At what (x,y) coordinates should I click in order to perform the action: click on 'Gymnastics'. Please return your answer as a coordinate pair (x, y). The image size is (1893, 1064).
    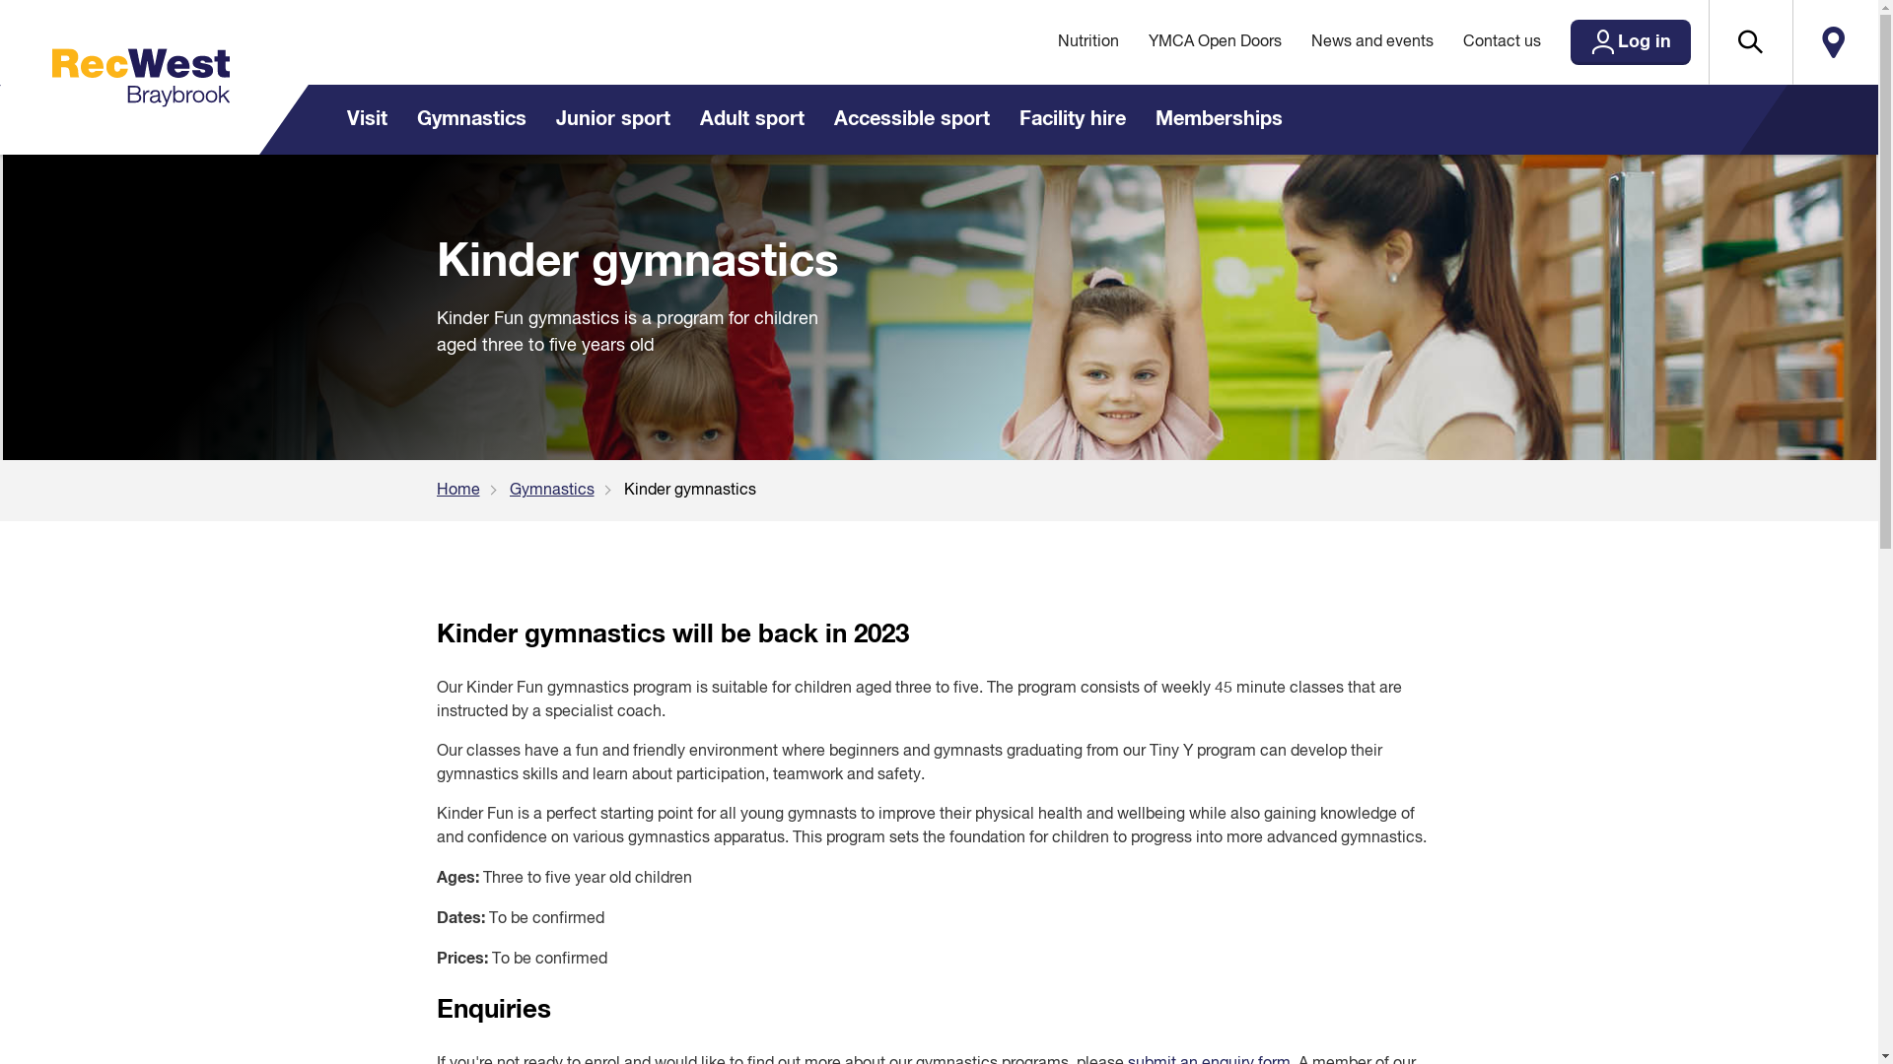
    Looking at the image, I should click on (508, 489).